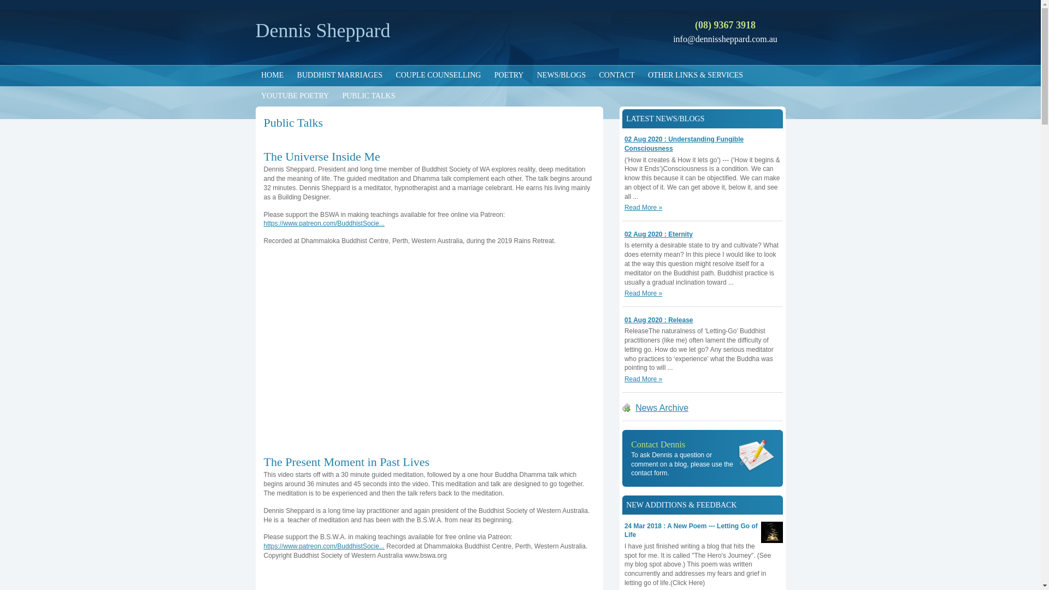 Image resolution: width=1049 pixels, height=590 pixels. What do you see at coordinates (255, 30) in the screenshot?
I see `'Dennis Sheppard'` at bounding box center [255, 30].